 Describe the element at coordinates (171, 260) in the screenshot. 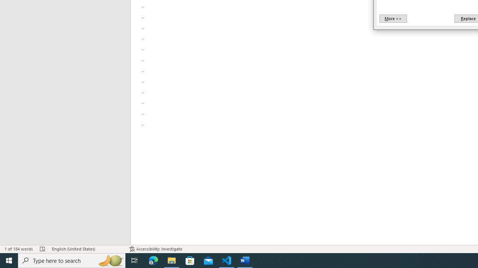

I see `'File Explorer - 1 running window'` at that location.